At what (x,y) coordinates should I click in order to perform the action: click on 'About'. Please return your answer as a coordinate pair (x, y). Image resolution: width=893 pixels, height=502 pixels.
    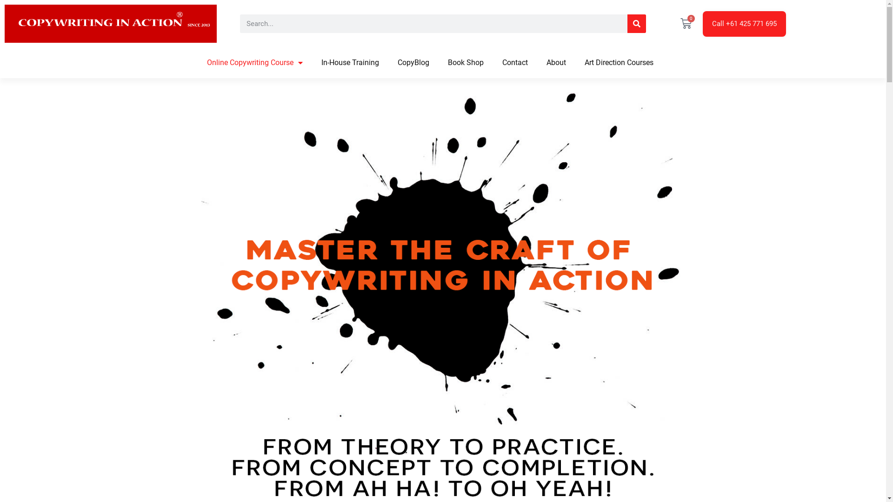
    Looking at the image, I should click on (556, 63).